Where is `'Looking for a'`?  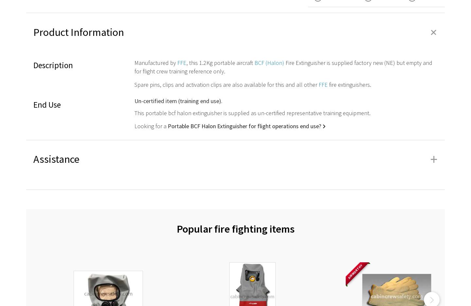
'Looking for a' is located at coordinates (151, 126).